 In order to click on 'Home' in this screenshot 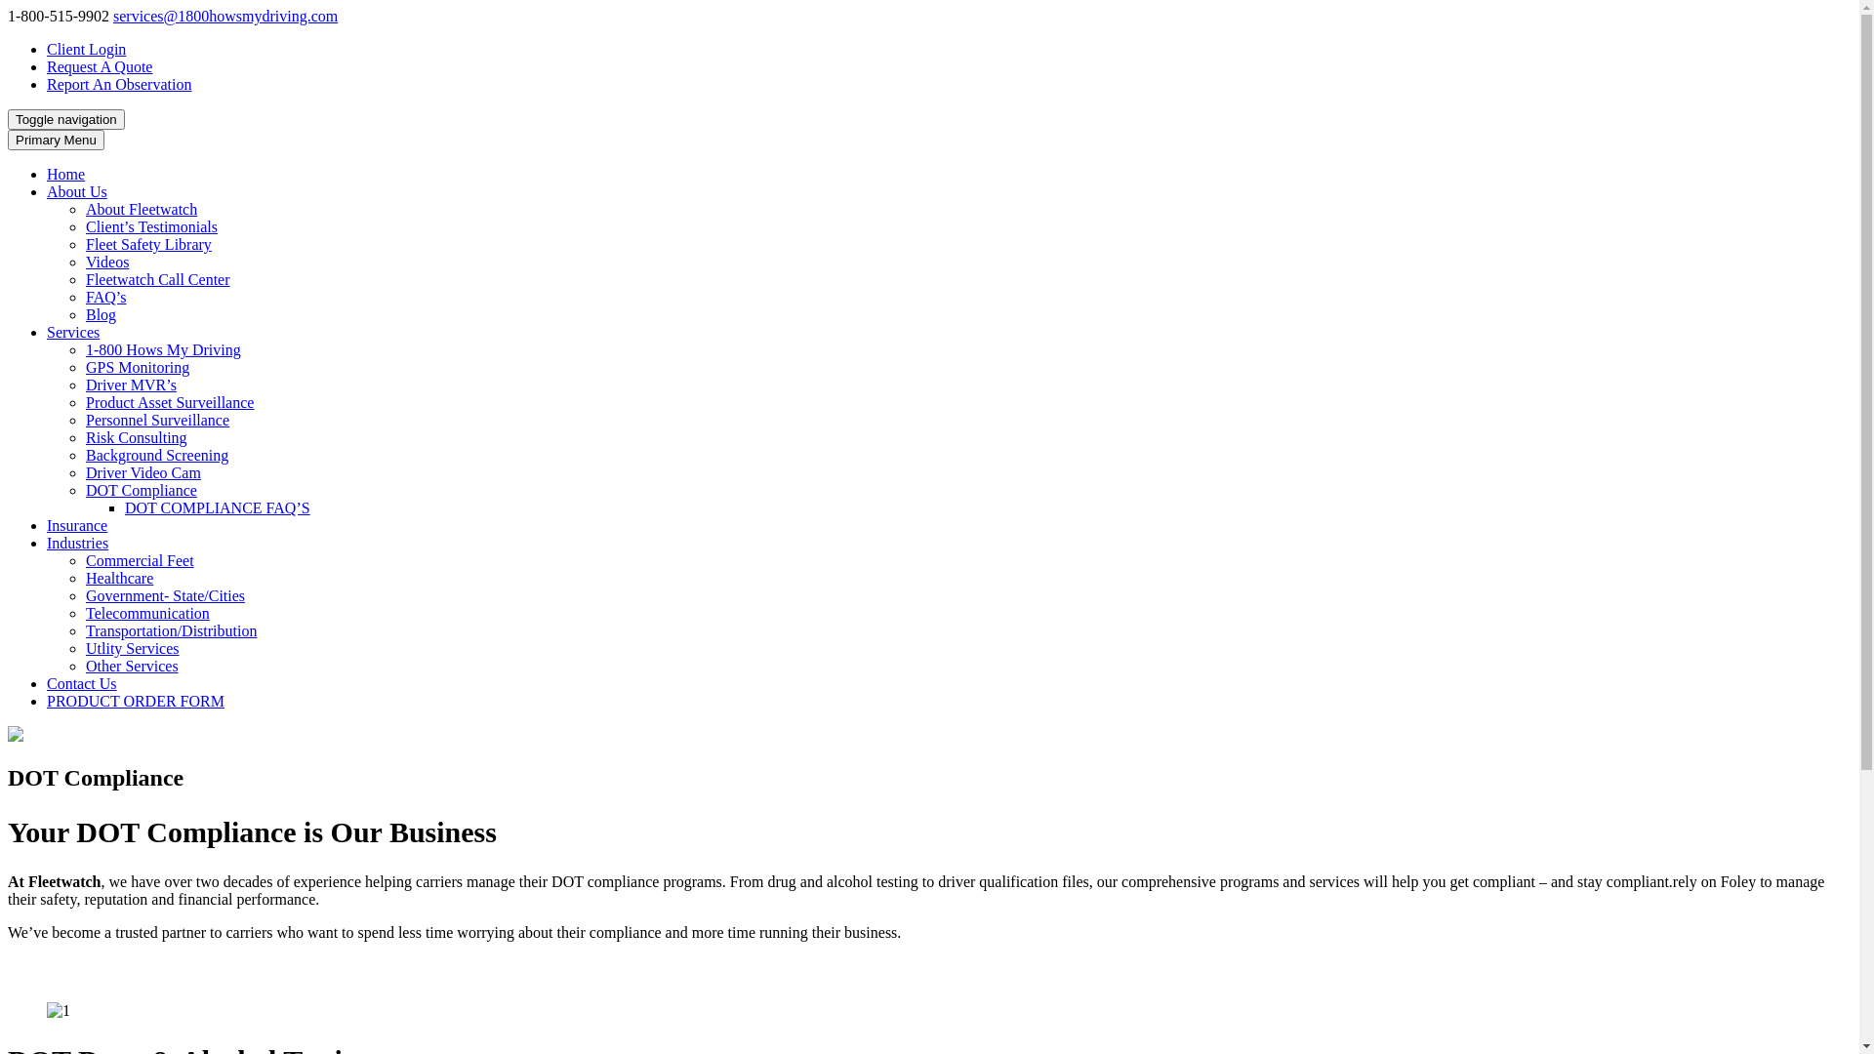, I will do `click(65, 173)`.